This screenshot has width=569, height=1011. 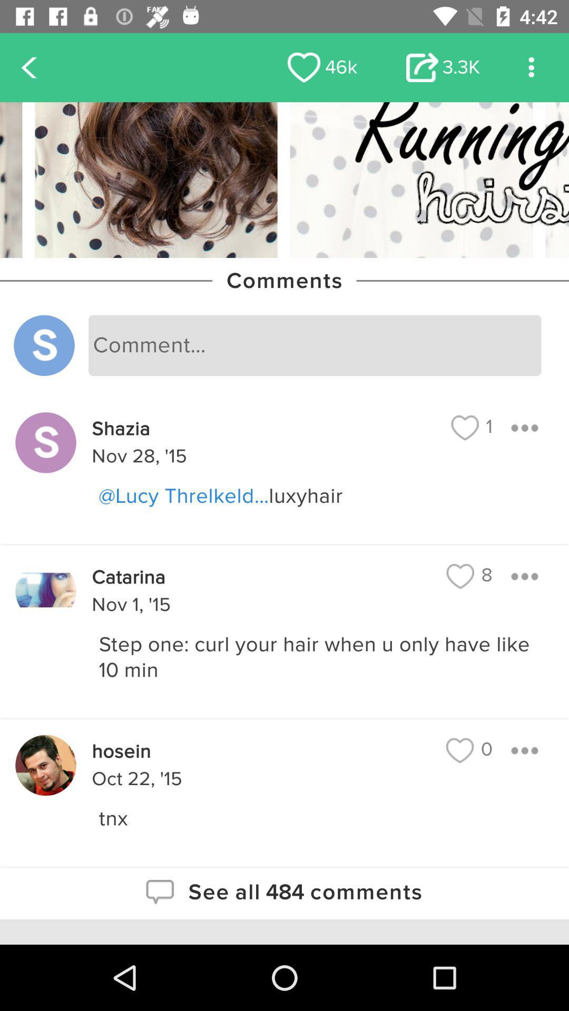 I want to click on item to the left of 3.3k icon, so click(x=322, y=67).